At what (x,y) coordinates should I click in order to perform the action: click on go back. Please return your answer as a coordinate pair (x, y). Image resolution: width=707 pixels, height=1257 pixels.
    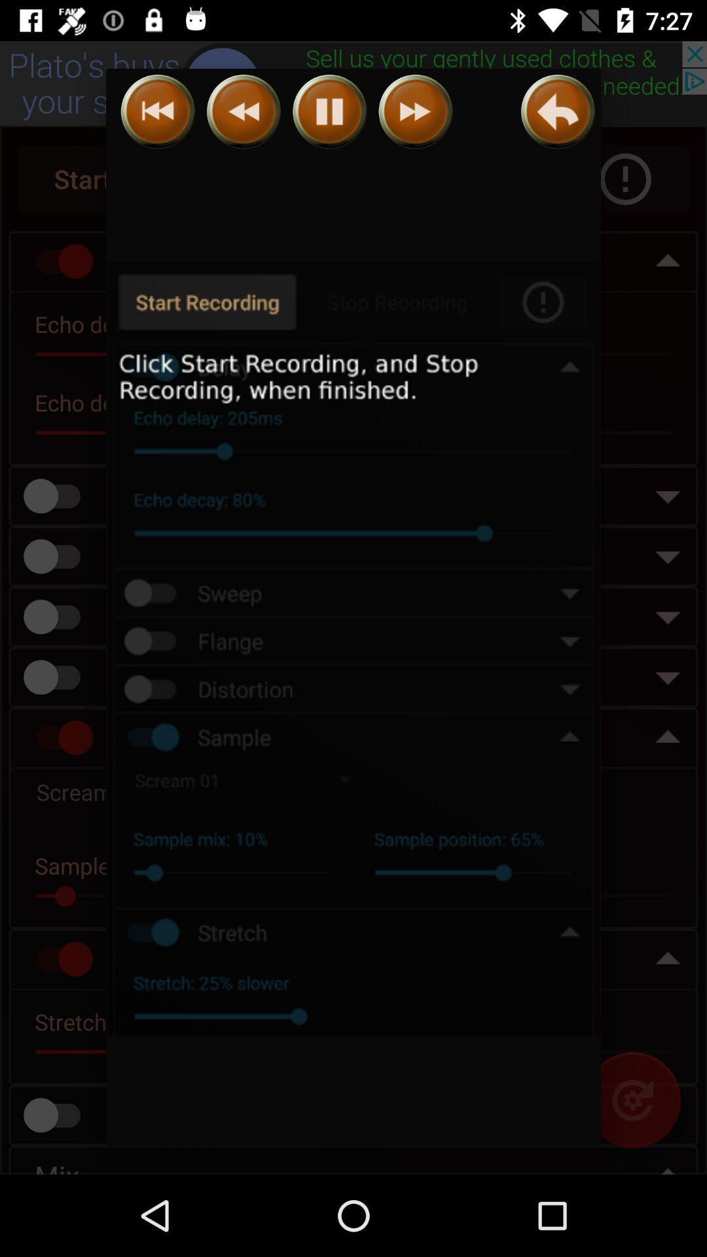
    Looking at the image, I should click on (157, 111).